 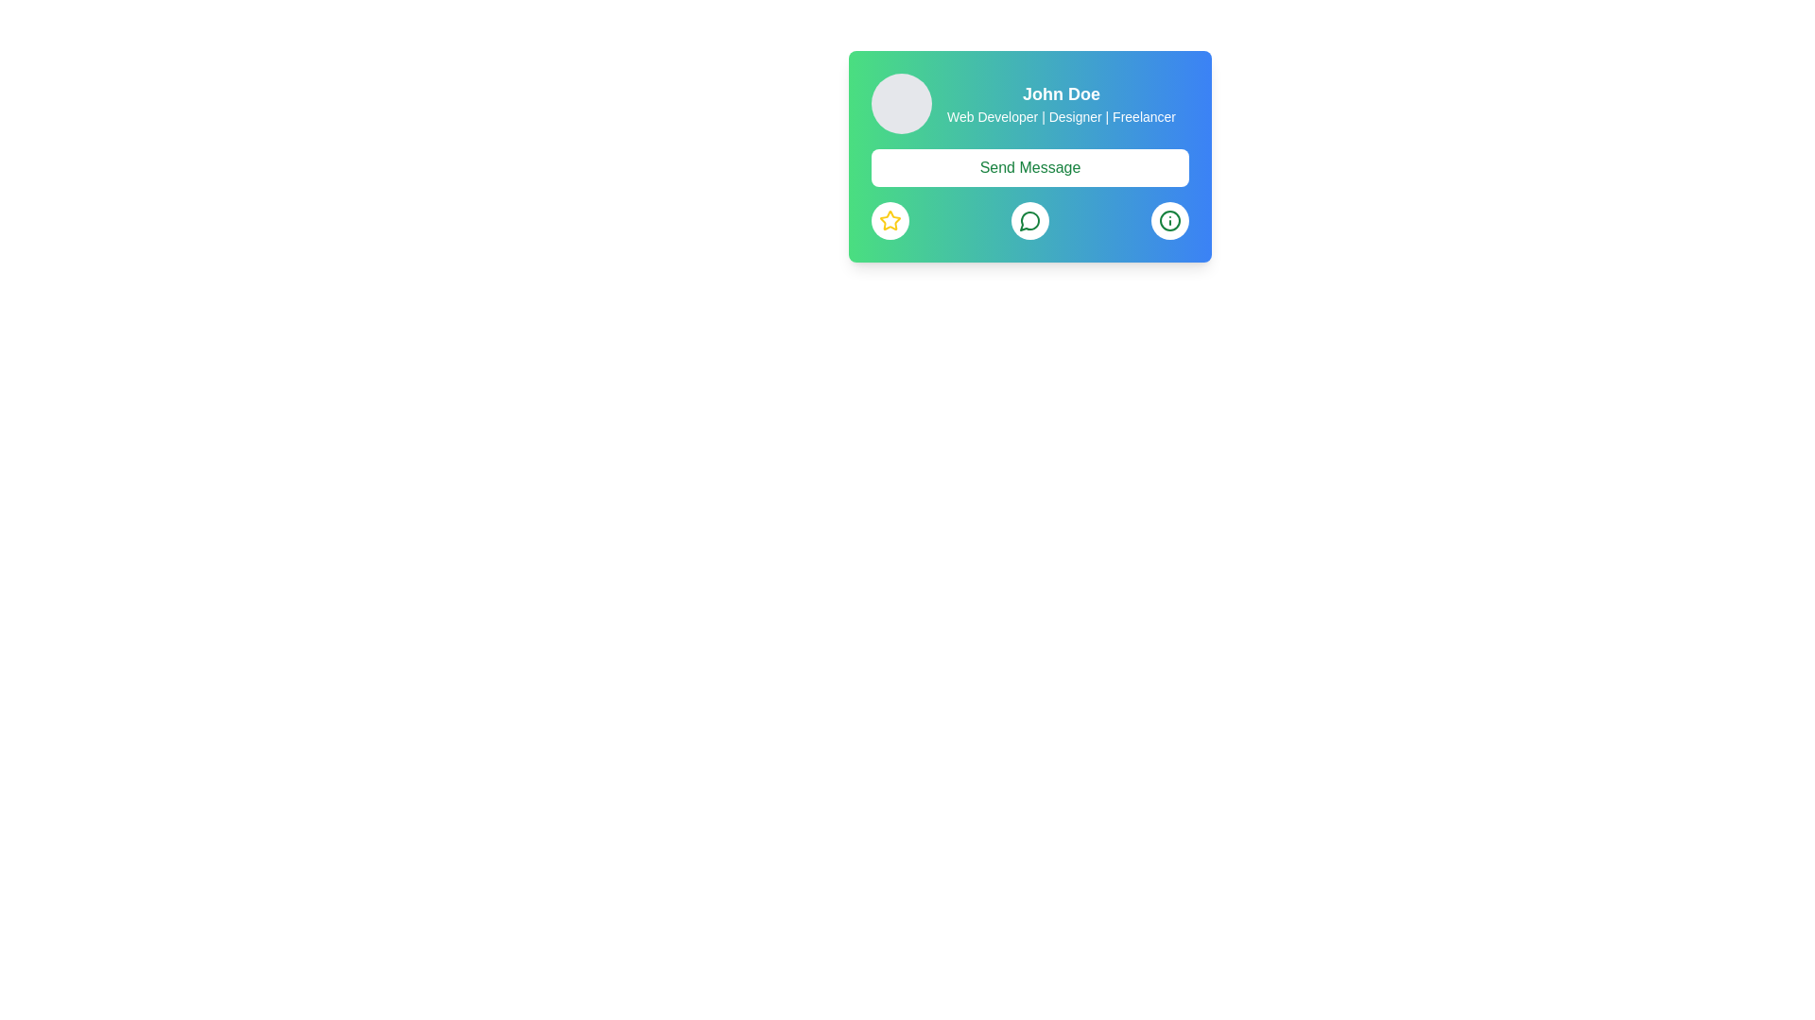 I want to click on the star icon button located at the bottom-left corner of the main card component, so click(x=889, y=220).